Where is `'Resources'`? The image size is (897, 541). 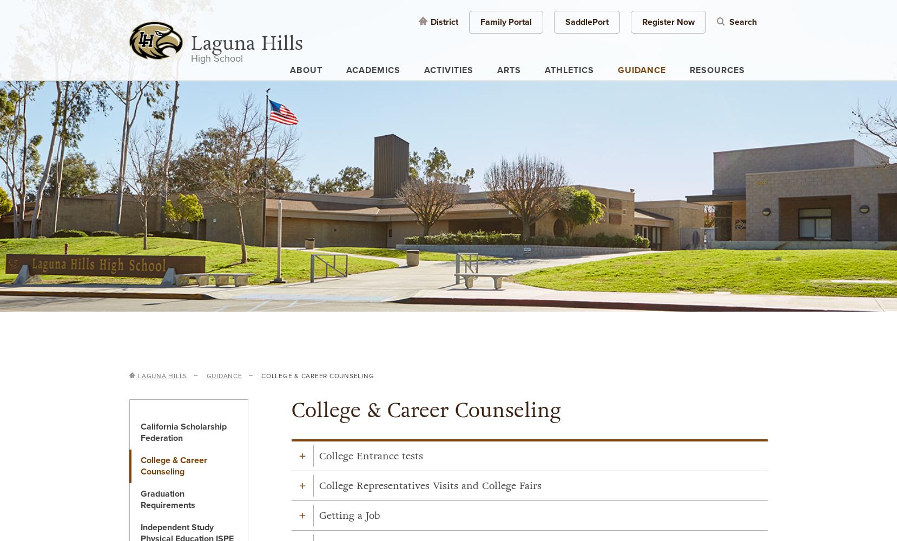
'Resources' is located at coordinates (717, 70).